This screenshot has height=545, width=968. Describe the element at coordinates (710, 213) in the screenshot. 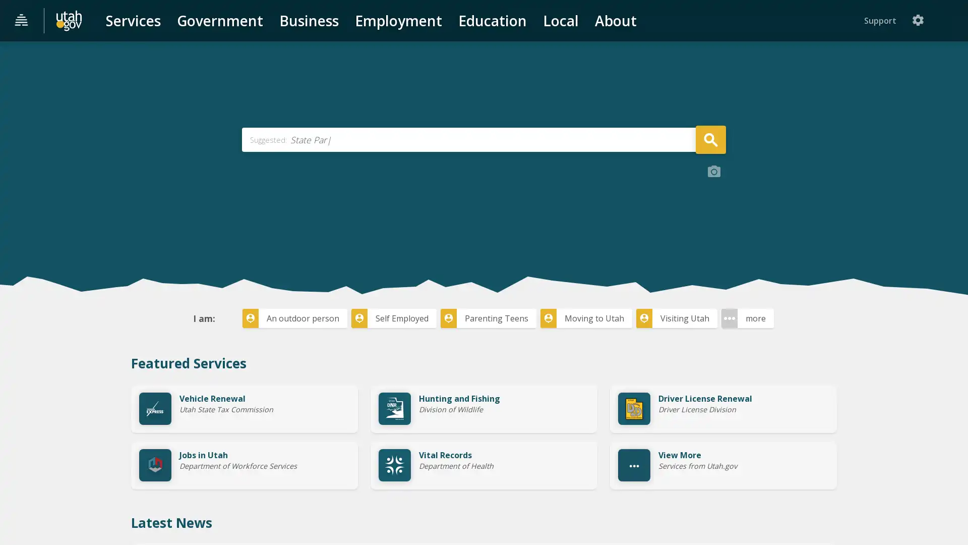

I see `Search` at that location.